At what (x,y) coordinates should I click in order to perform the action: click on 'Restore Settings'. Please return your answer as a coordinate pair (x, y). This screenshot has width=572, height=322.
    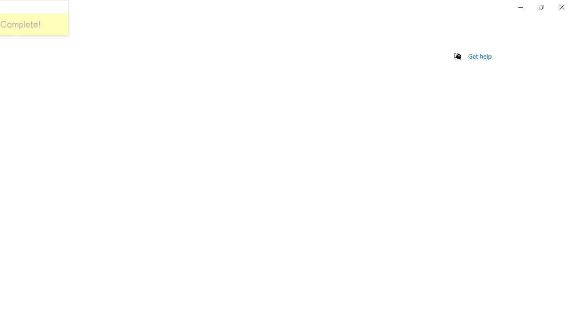
    Looking at the image, I should click on (540, 7).